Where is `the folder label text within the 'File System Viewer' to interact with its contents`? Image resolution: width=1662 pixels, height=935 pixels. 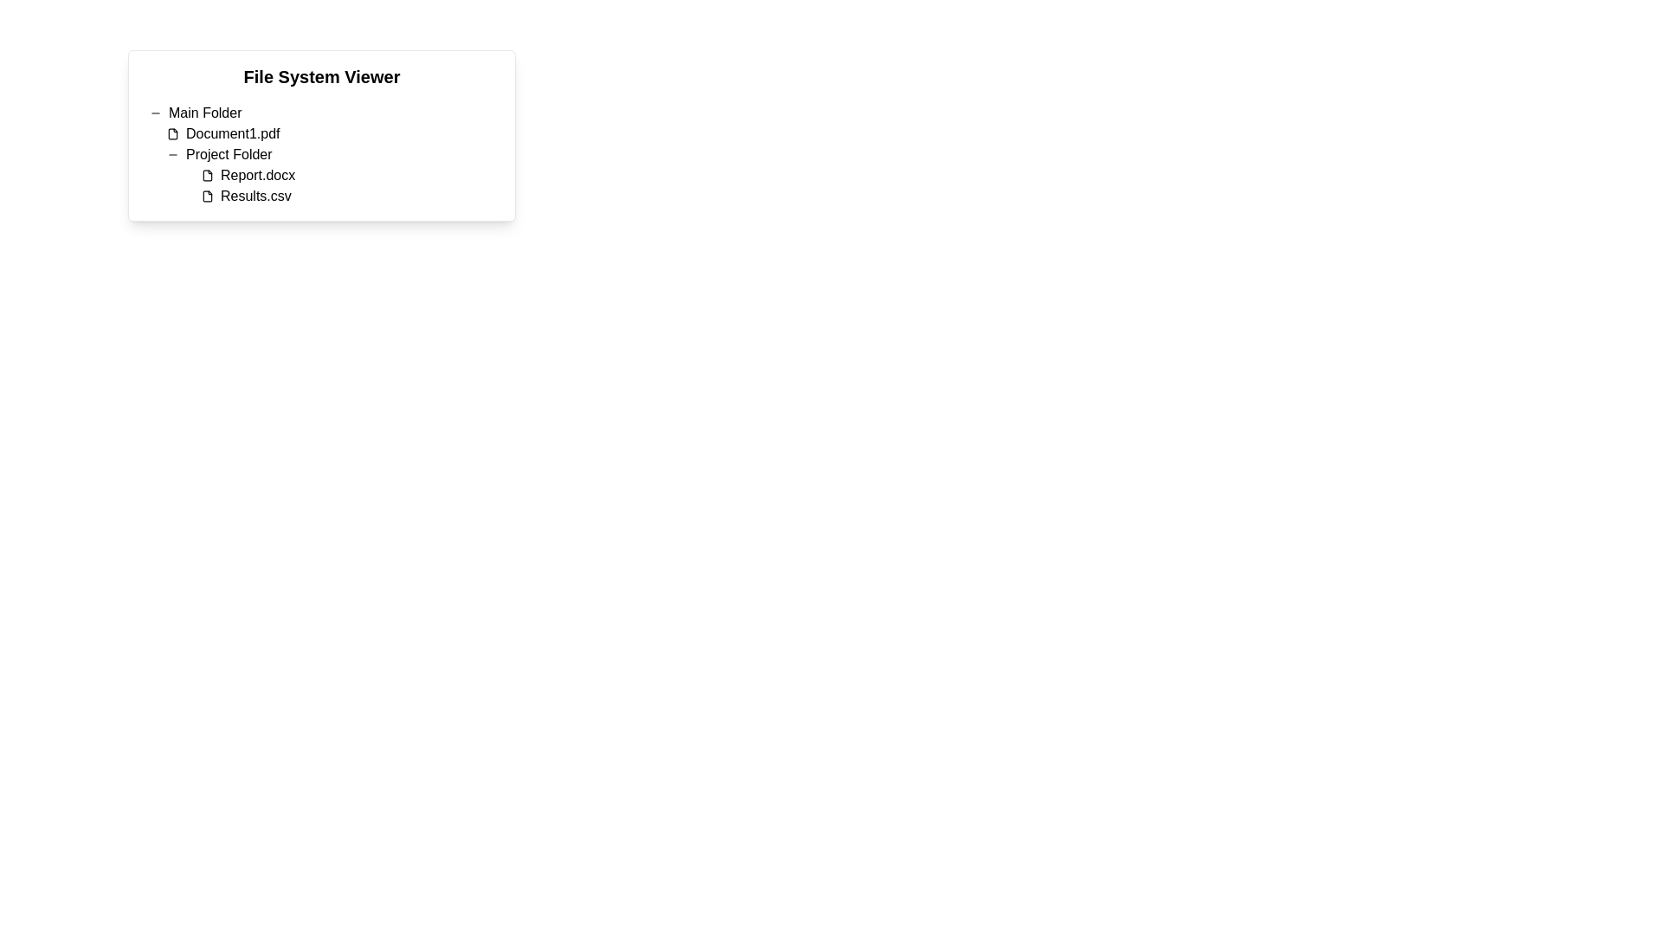 the folder label text within the 'File System Viewer' to interact with its contents is located at coordinates (204, 113).